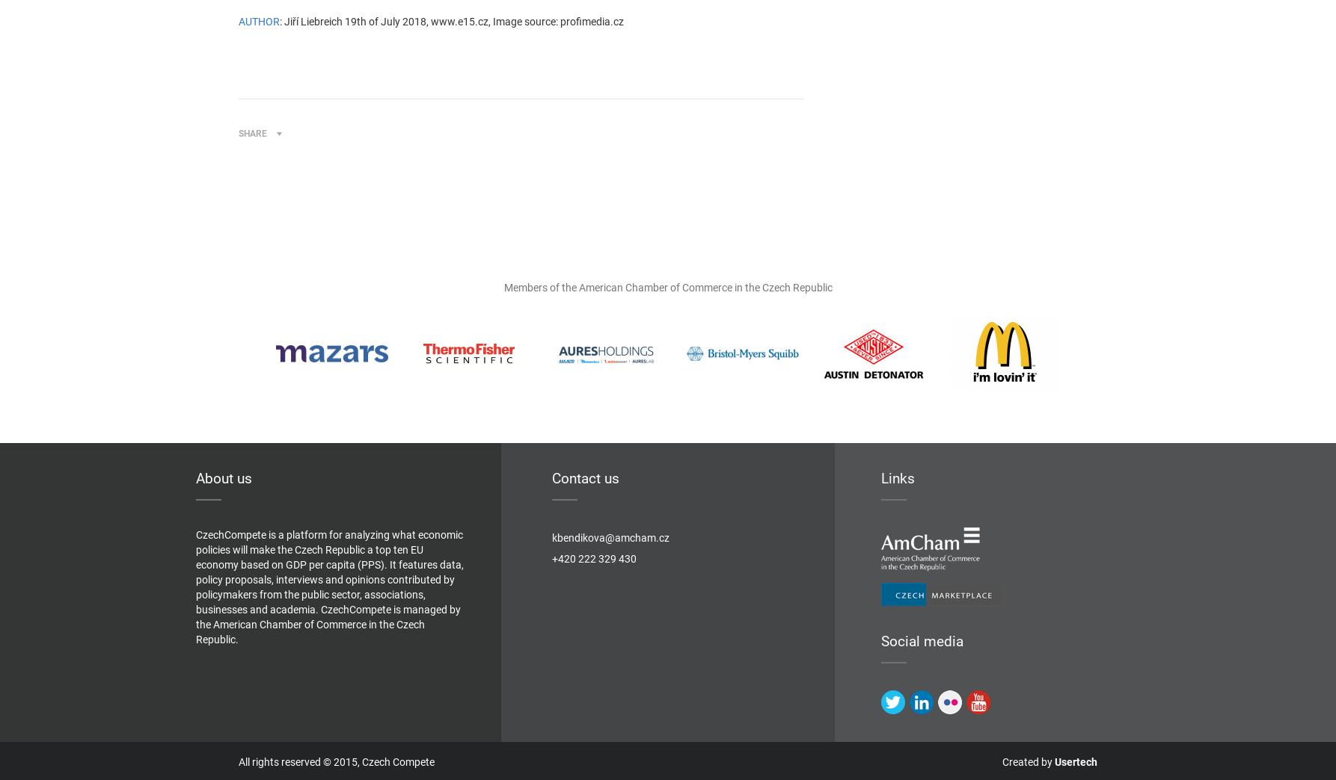 The height and width of the screenshot is (780, 1336). Describe the element at coordinates (898, 478) in the screenshot. I see `'Links'` at that location.